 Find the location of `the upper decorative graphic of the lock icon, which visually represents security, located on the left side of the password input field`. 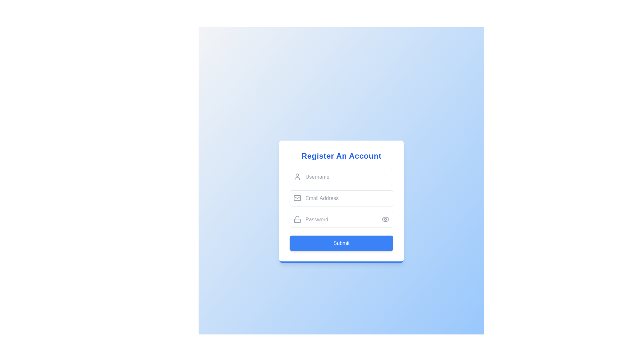

the upper decorative graphic of the lock icon, which visually represents security, located on the left side of the password input field is located at coordinates (297, 217).